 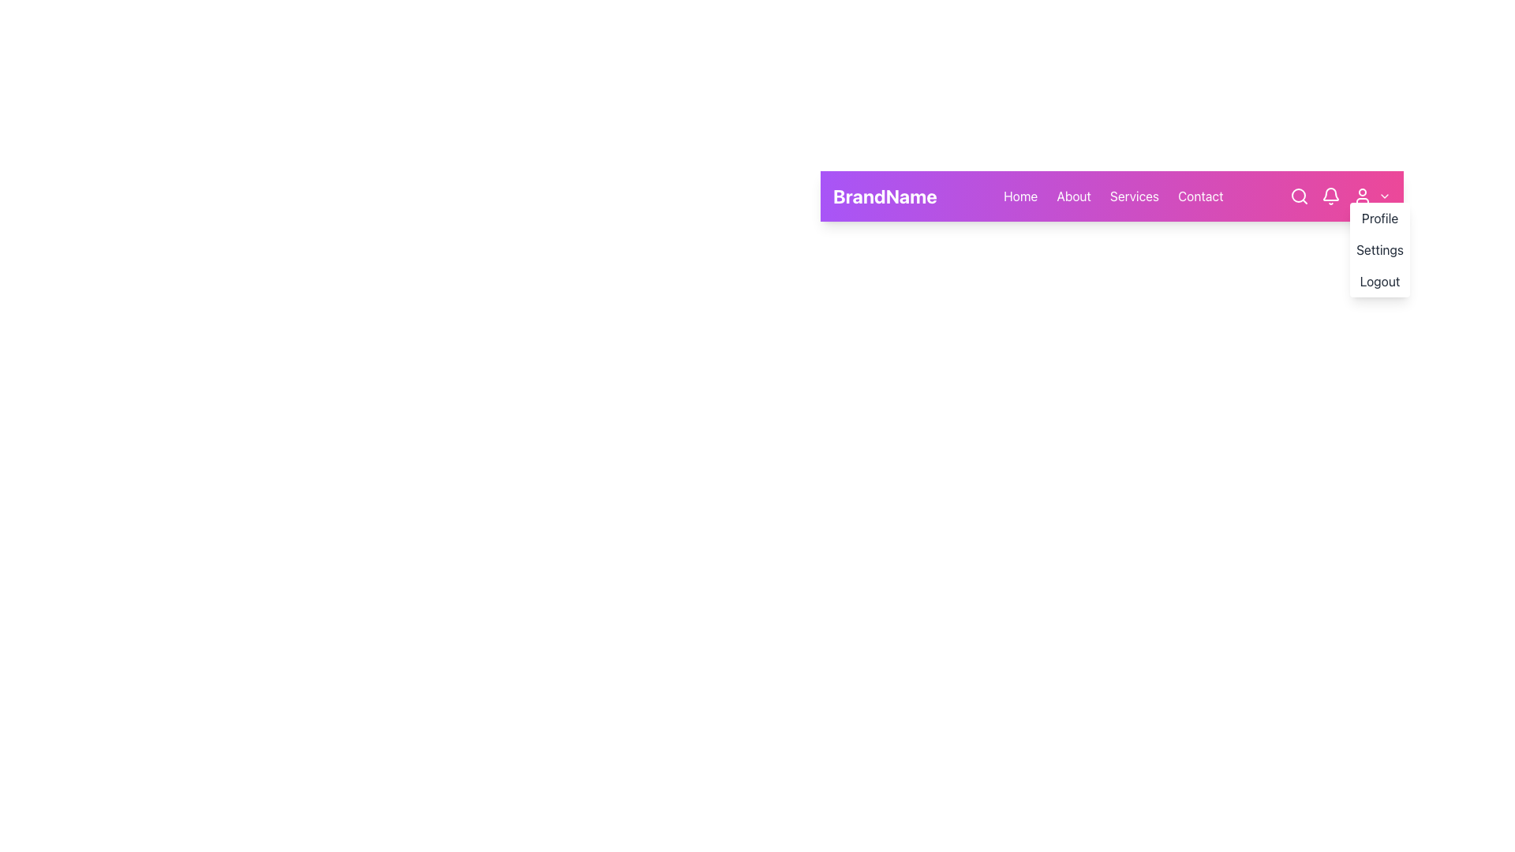 I want to click on the 'Logout' button located at the bottom of the user menu to log out of the user account, so click(x=1379, y=281).